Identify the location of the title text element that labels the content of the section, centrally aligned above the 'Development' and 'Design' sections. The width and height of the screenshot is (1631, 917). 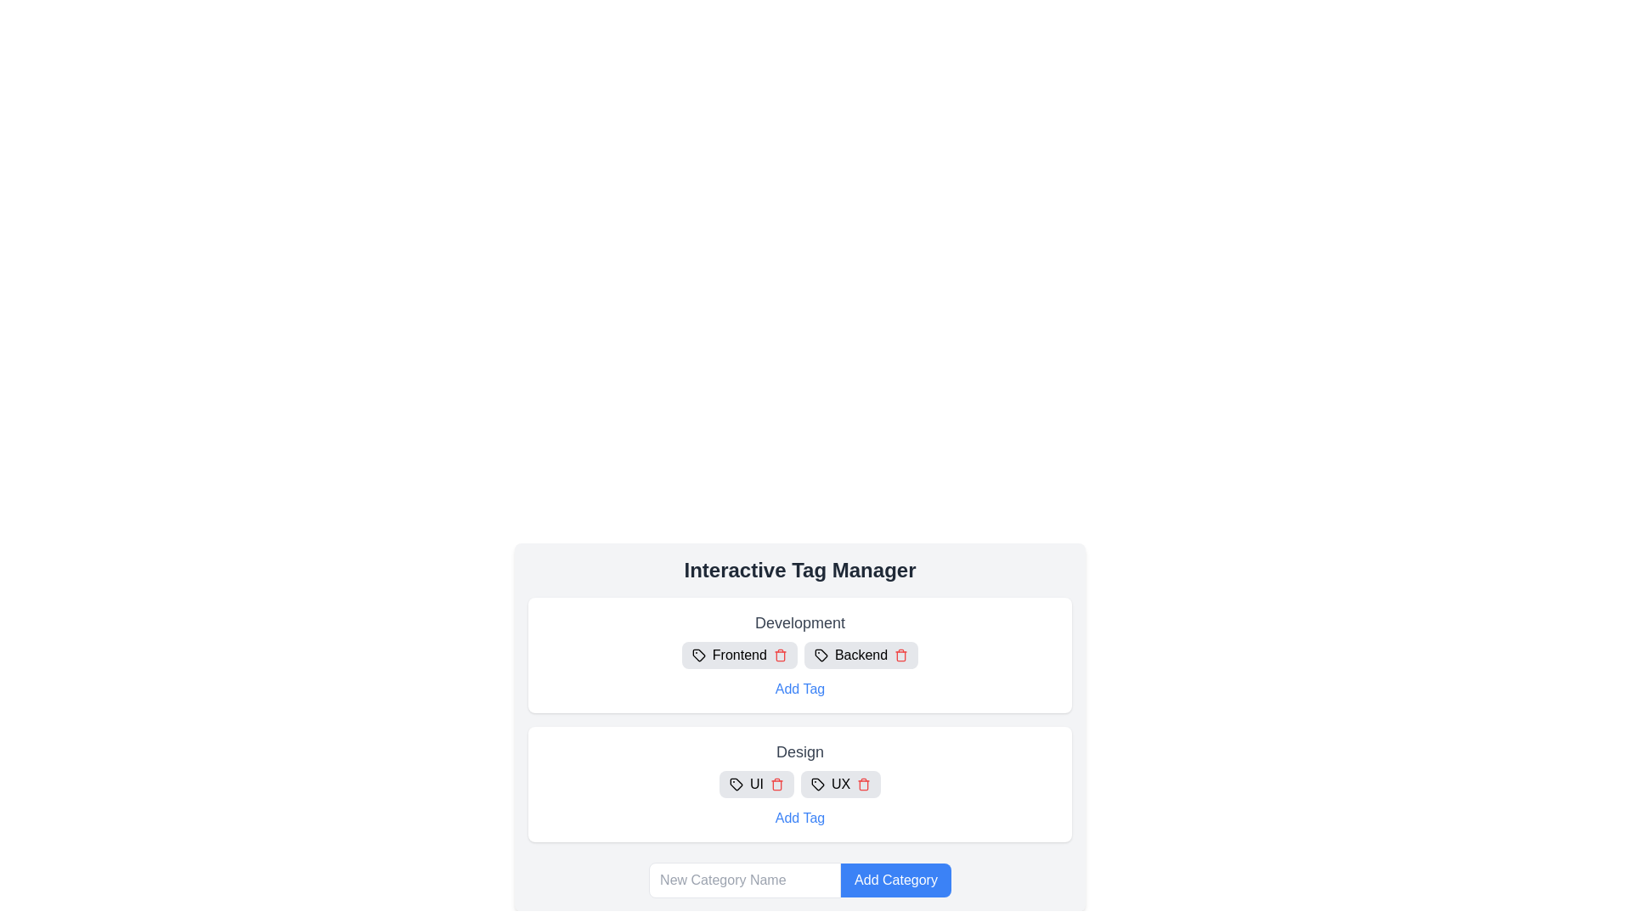
(799, 570).